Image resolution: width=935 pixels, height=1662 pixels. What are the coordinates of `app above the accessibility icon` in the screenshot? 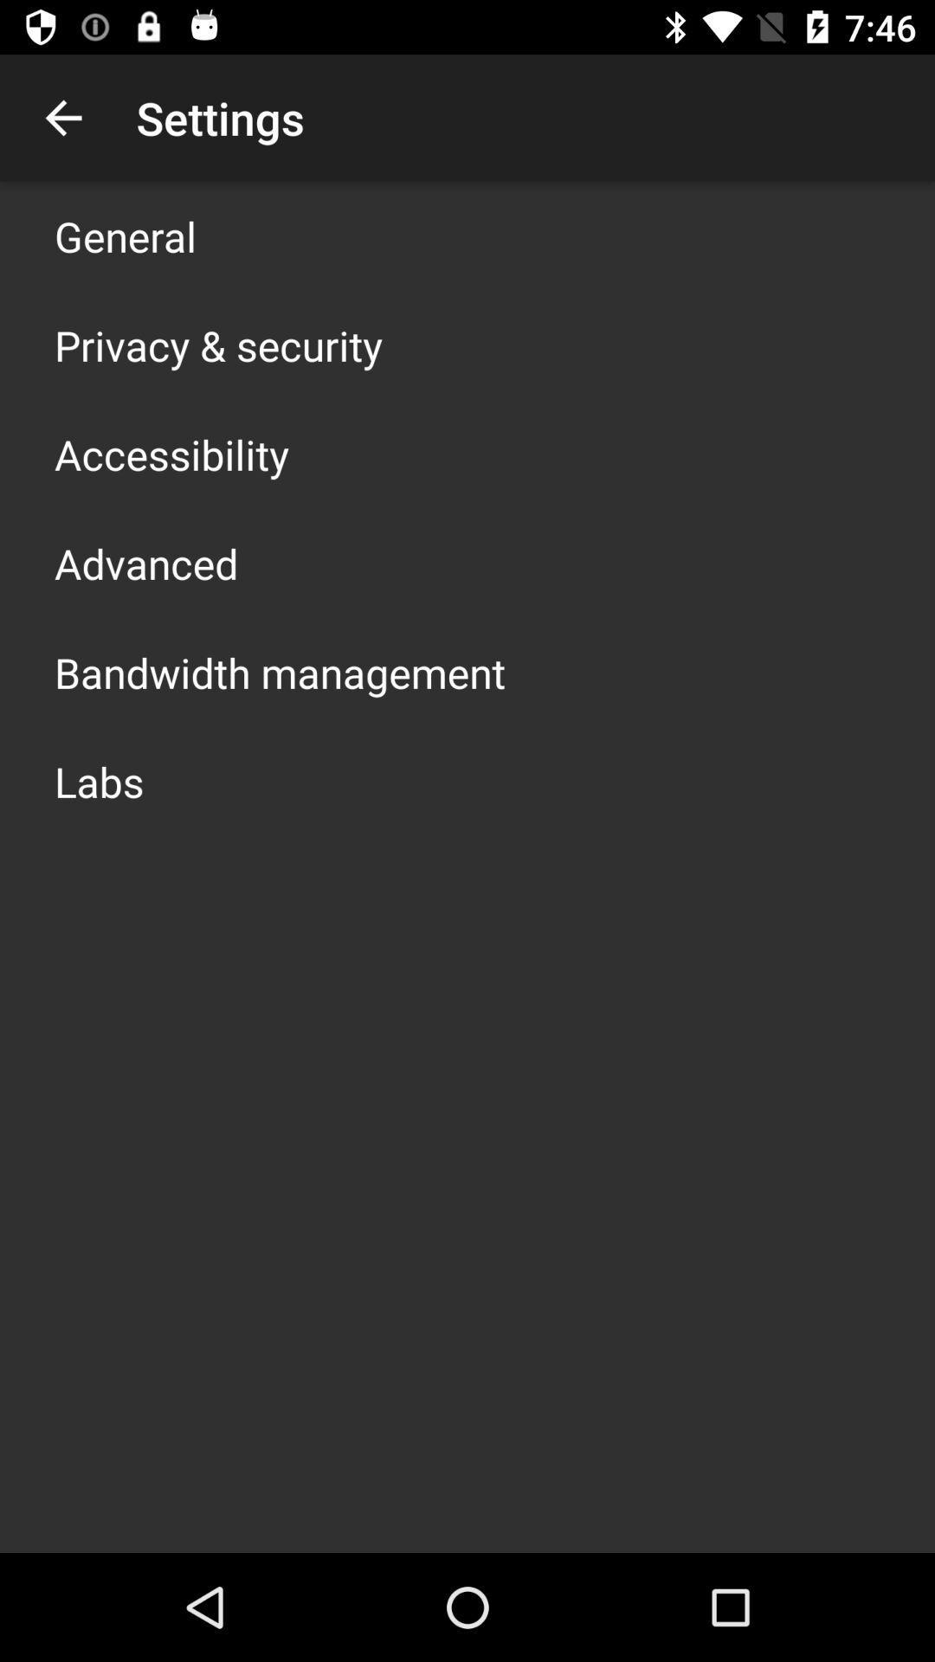 It's located at (217, 345).